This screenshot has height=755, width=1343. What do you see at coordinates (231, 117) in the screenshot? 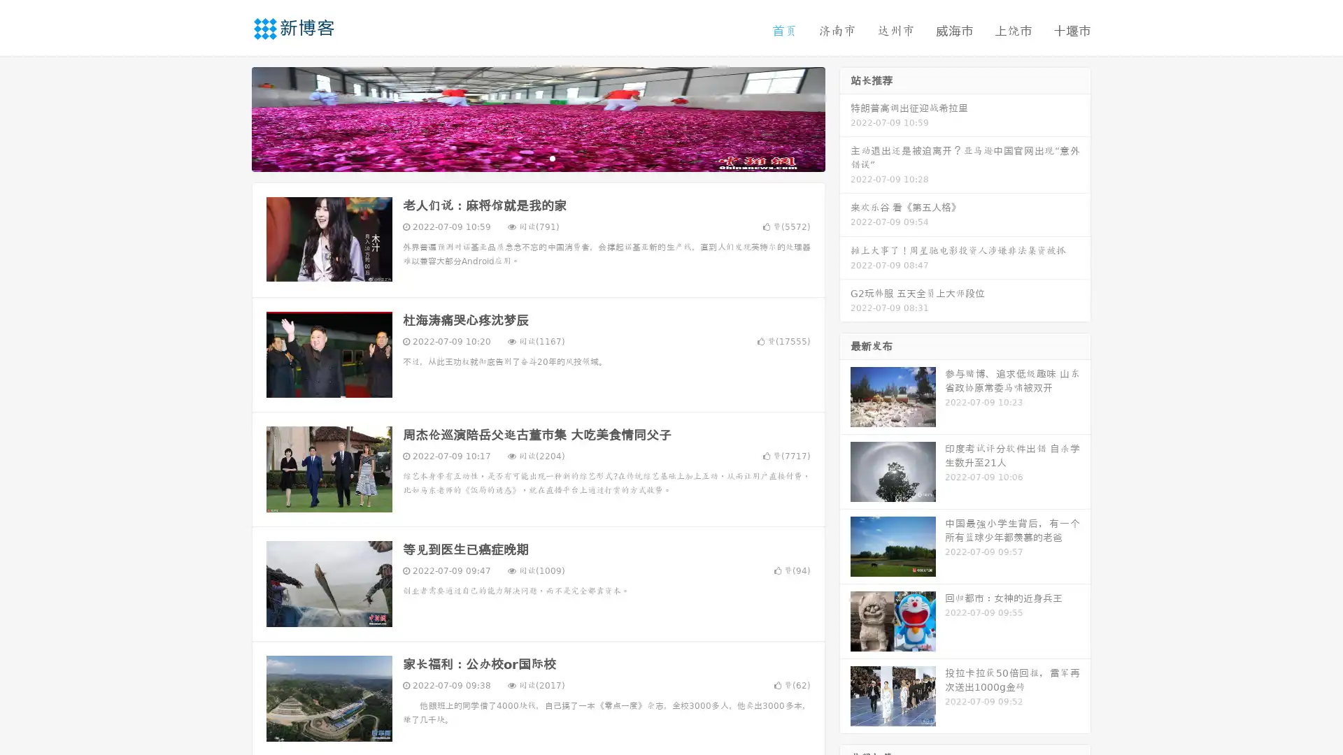
I see `Previous slide` at bounding box center [231, 117].